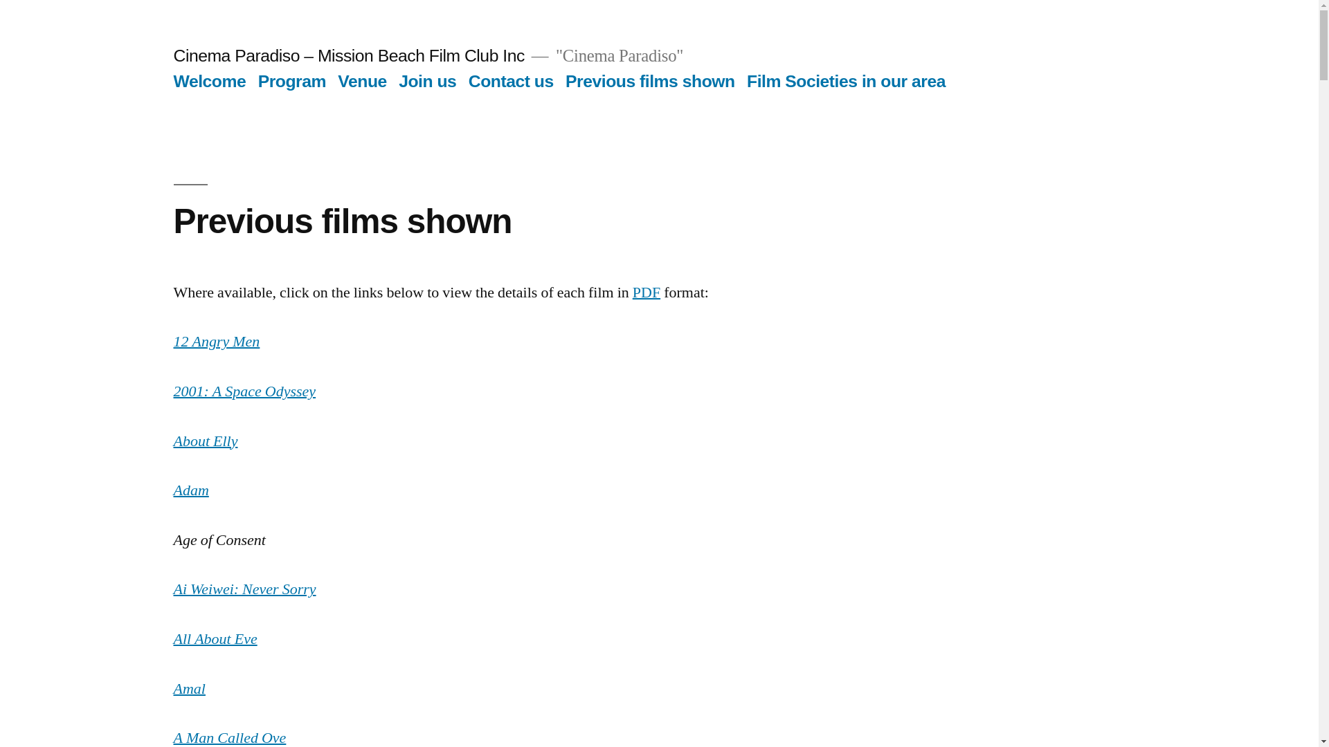 The width and height of the screenshot is (1329, 747). What do you see at coordinates (172, 589) in the screenshot?
I see `'Ai Weiwei: Never Sorry'` at bounding box center [172, 589].